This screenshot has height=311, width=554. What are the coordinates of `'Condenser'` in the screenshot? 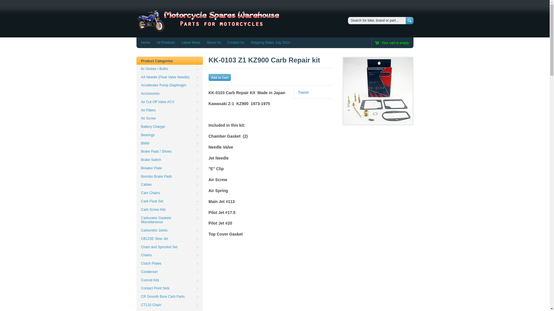 It's located at (169, 272).